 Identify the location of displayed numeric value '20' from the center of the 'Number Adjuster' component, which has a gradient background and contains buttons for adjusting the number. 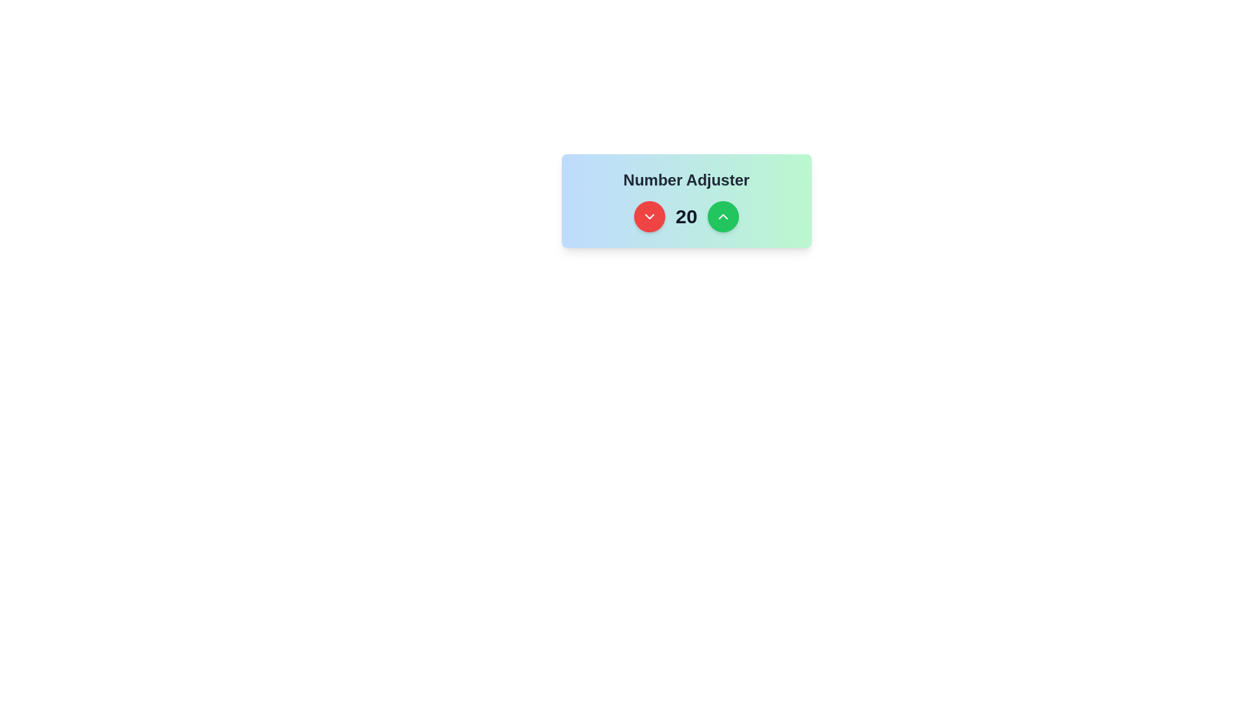
(686, 200).